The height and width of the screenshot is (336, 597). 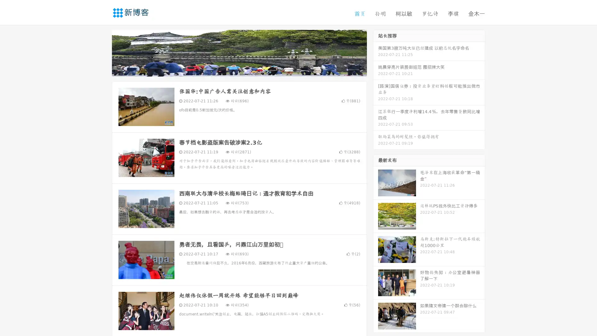 What do you see at coordinates (233, 70) in the screenshot?
I see `Go to slide 1` at bounding box center [233, 70].